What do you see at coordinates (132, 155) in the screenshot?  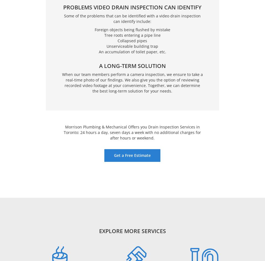 I see `'Get a Free Estimate'` at bounding box center [132, 155].